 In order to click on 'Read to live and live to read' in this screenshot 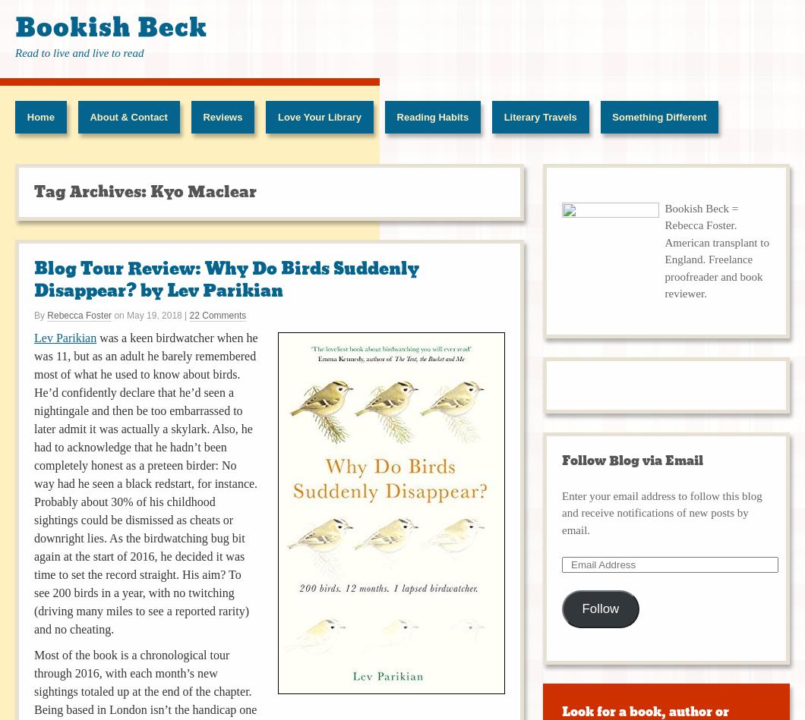, I will do `click(79, 53)`.